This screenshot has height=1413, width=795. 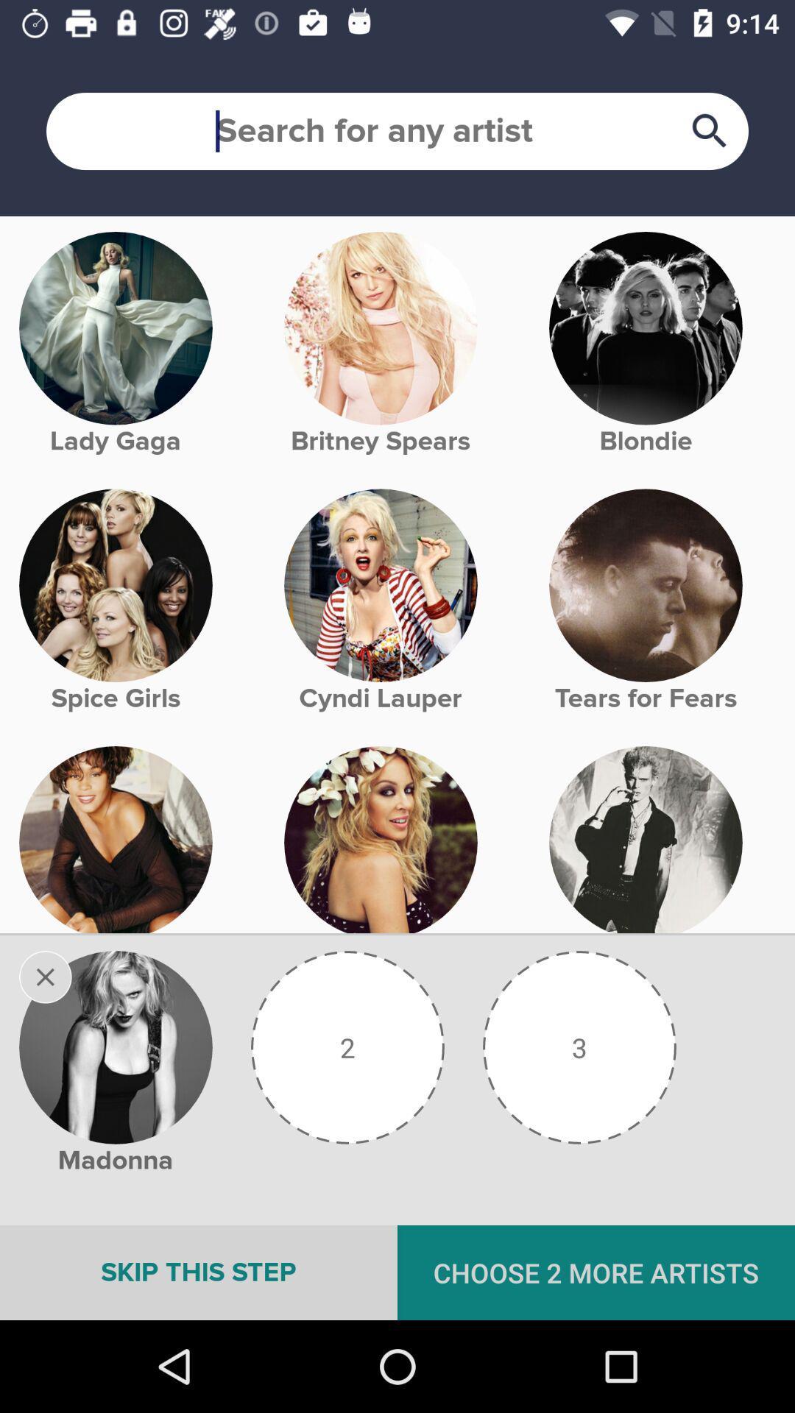 What do you see at coordinates (199, 1272) in the screenshot?
I see `icon below the madonna` at bounding box center [199, 1272].